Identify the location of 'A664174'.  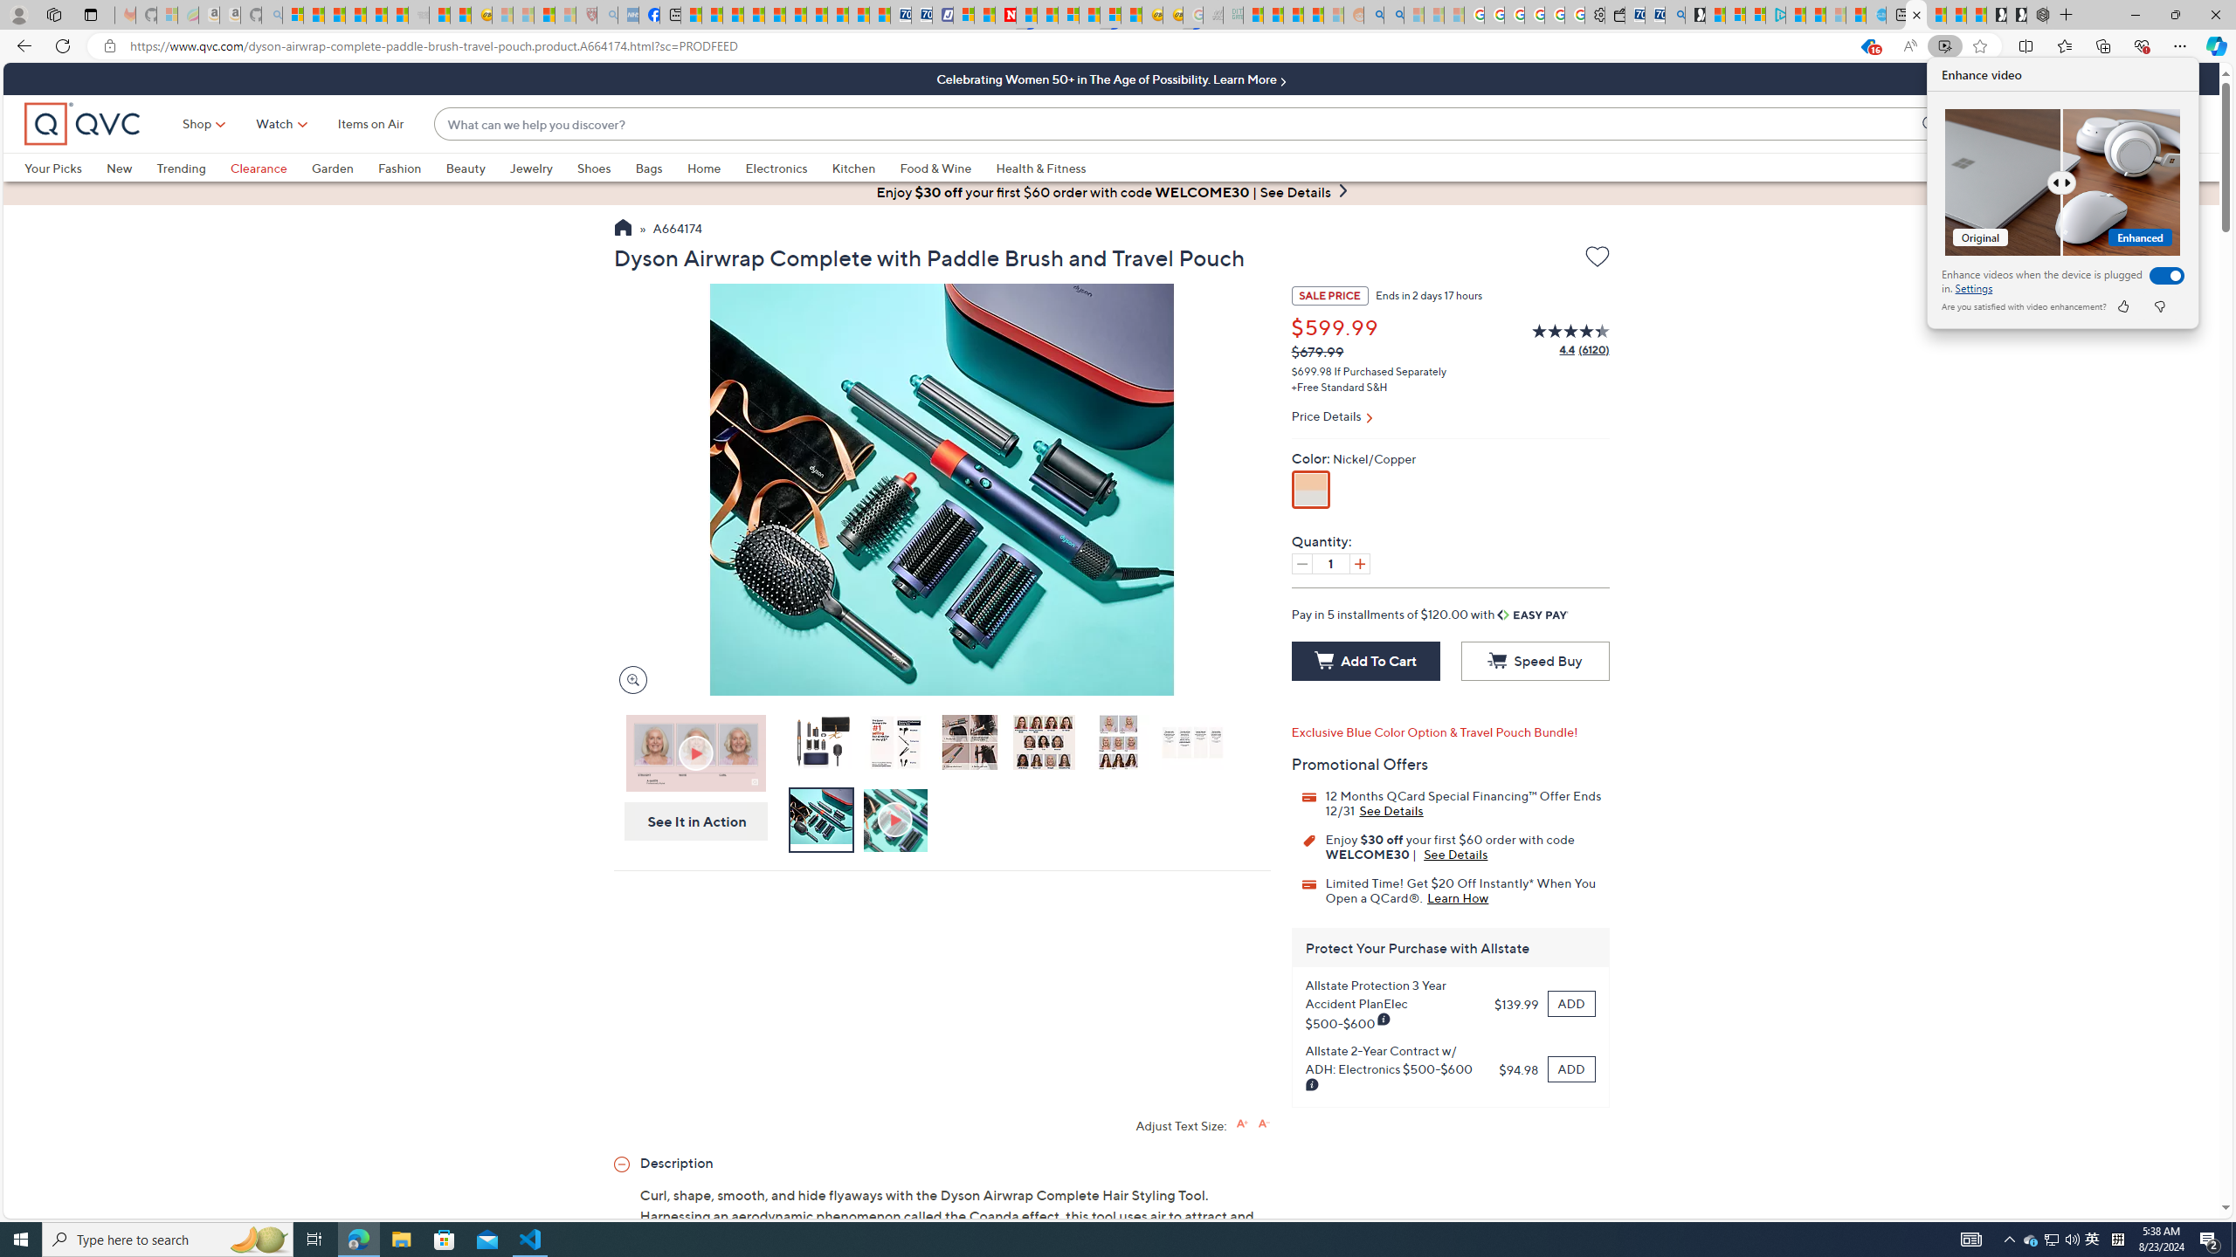
(676, 230).